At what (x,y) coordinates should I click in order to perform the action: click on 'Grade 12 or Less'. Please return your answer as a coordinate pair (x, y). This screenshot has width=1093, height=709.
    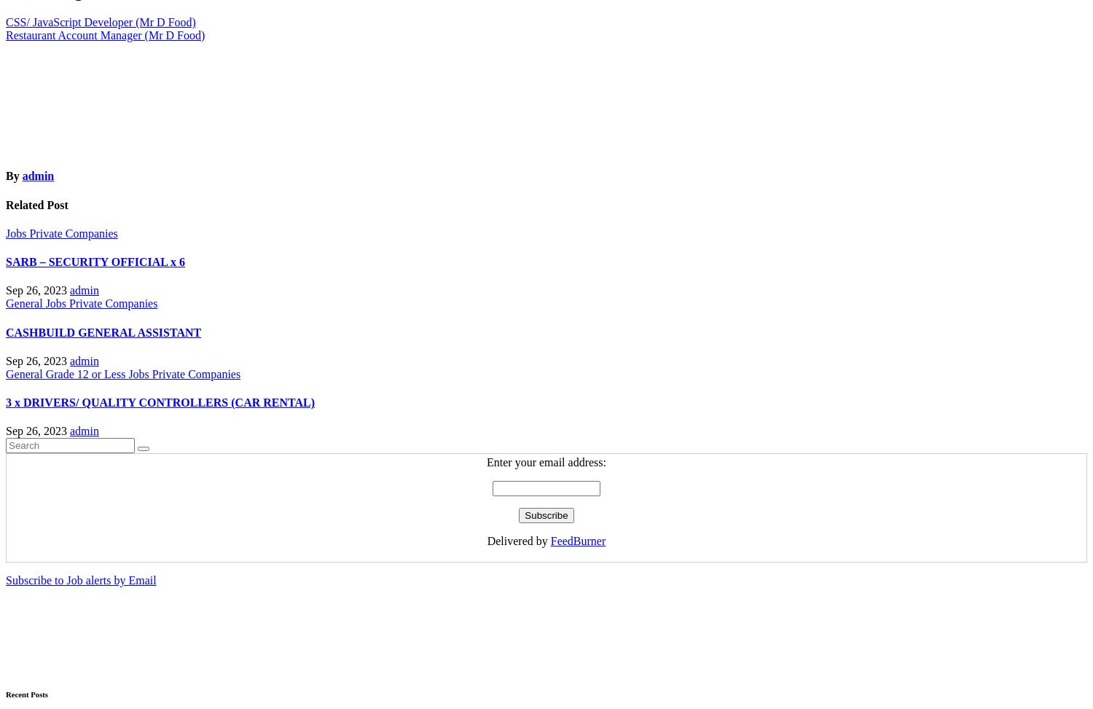
    Looking at the image, I should click on (85, 372).